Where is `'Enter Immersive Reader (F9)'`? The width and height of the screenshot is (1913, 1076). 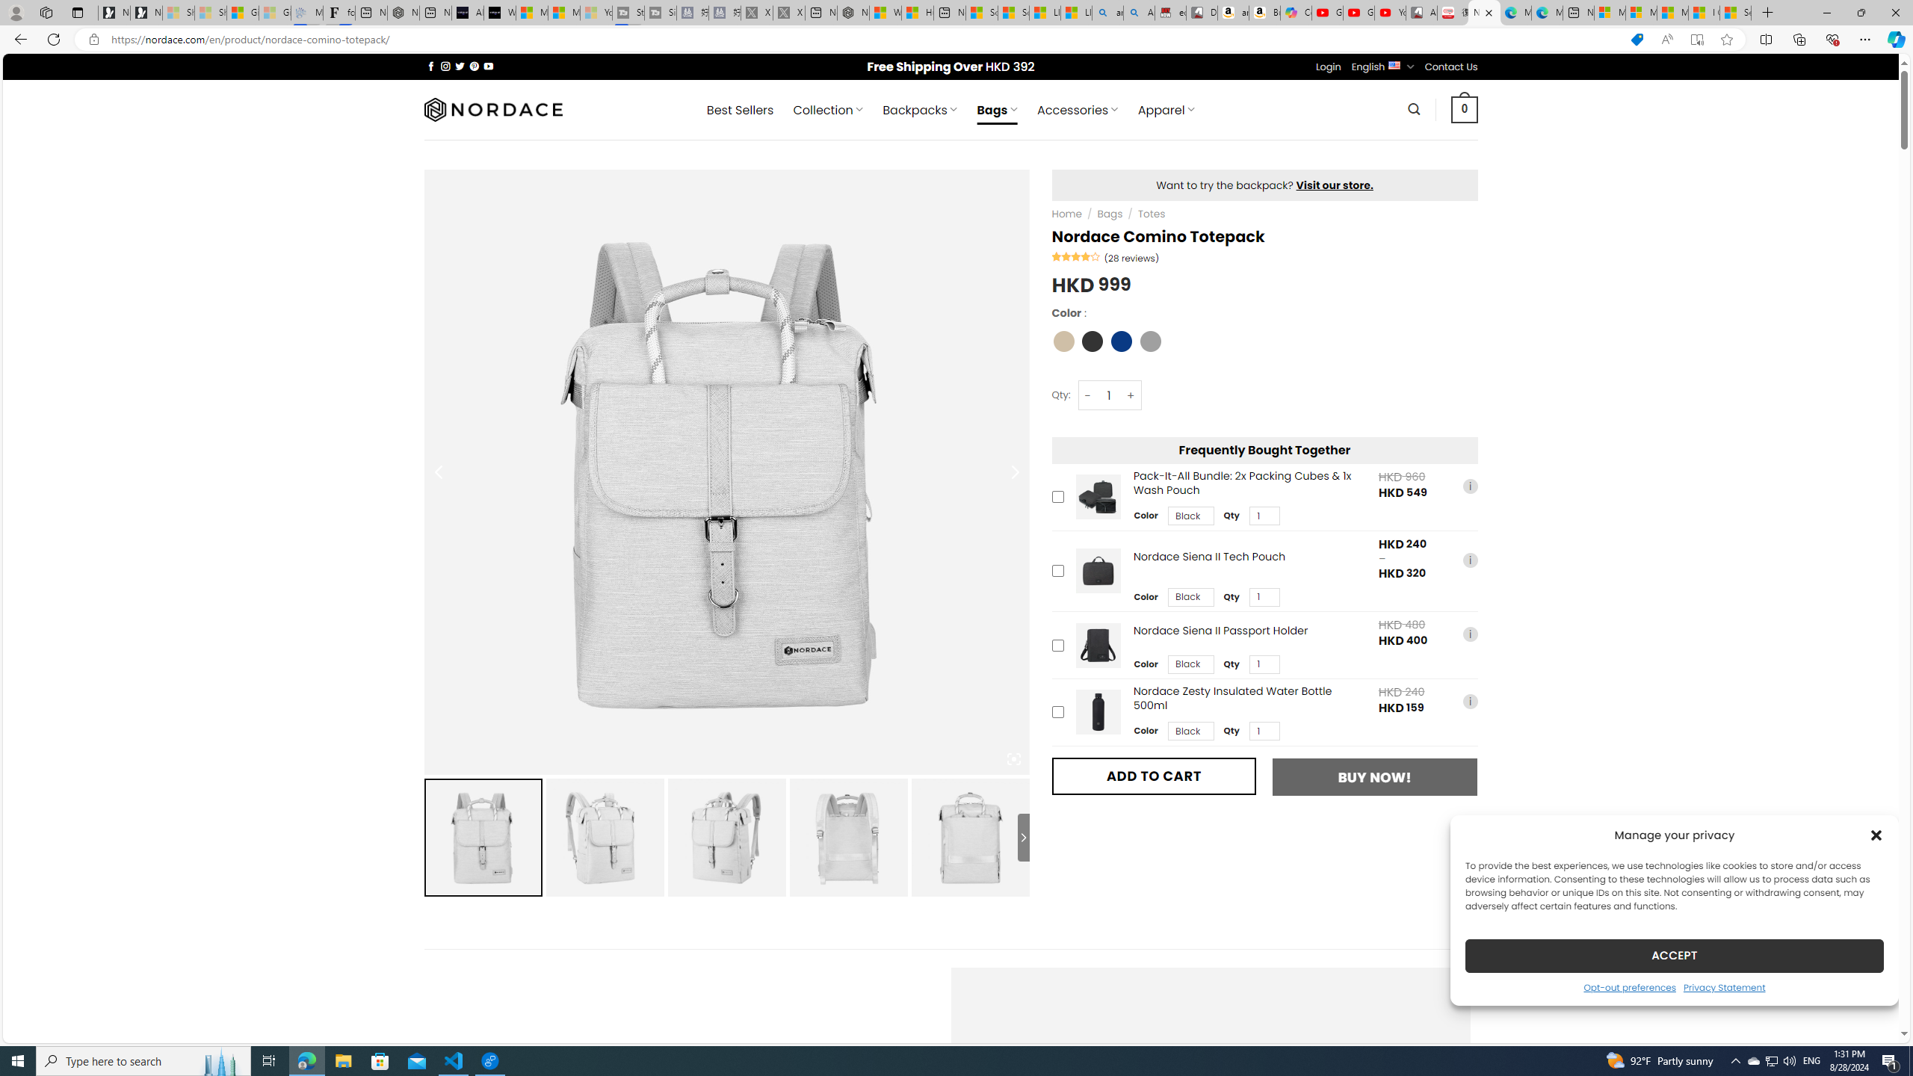
'Enter Immersive Reader (F9)' is located at coordinates (1696, 40).